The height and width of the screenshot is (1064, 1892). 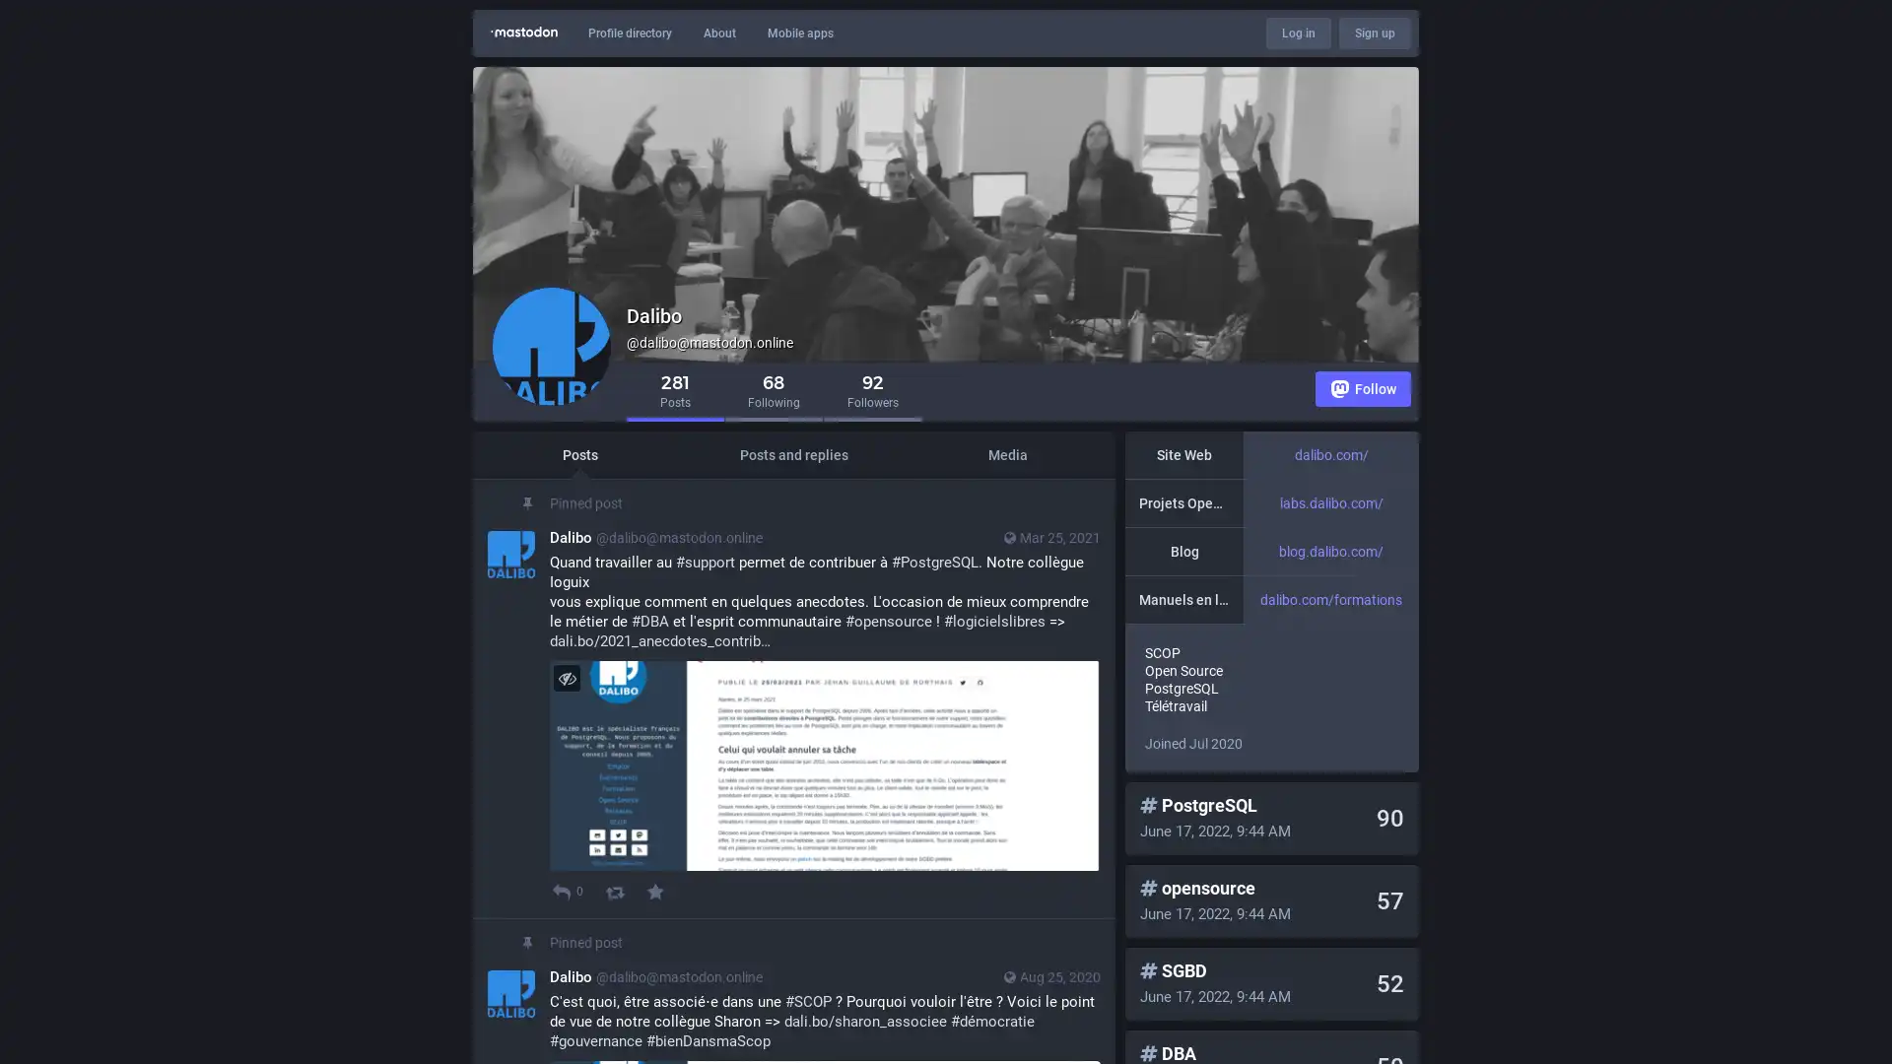 I want to click on Hide image, so click(x=566, y=677).